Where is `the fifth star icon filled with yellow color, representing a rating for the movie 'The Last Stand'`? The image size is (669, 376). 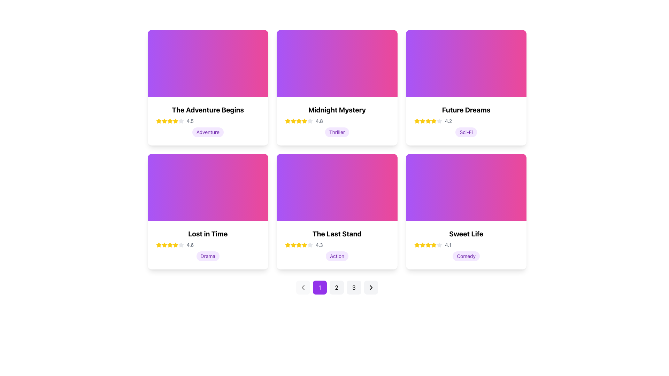
the fifth star icon filled with yellow color, representing a rating for the movie 'The Last Stand' is located at coordinates (299, 245).